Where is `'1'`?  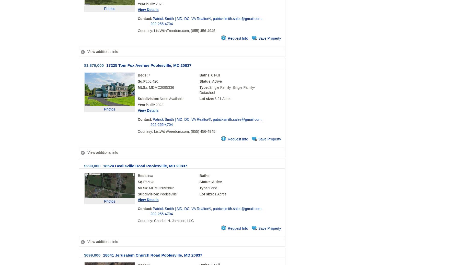 '1' is located at coordinates (214, 194).